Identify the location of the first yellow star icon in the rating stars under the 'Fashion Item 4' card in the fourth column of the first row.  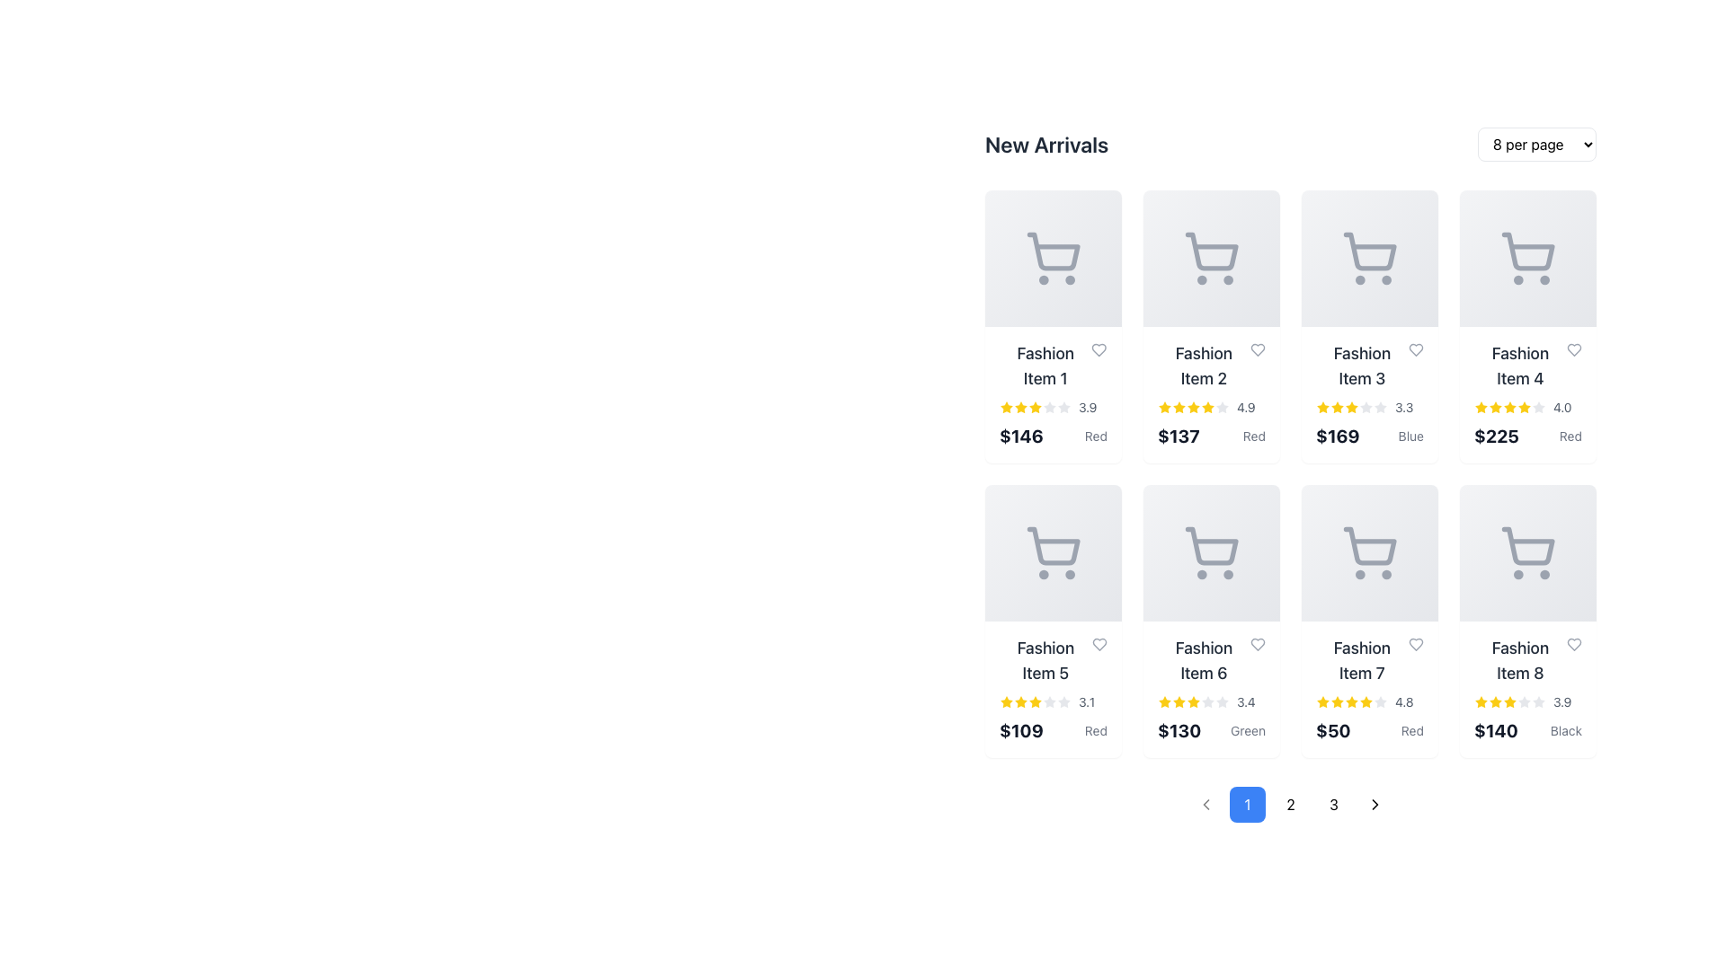
(1481, 408).